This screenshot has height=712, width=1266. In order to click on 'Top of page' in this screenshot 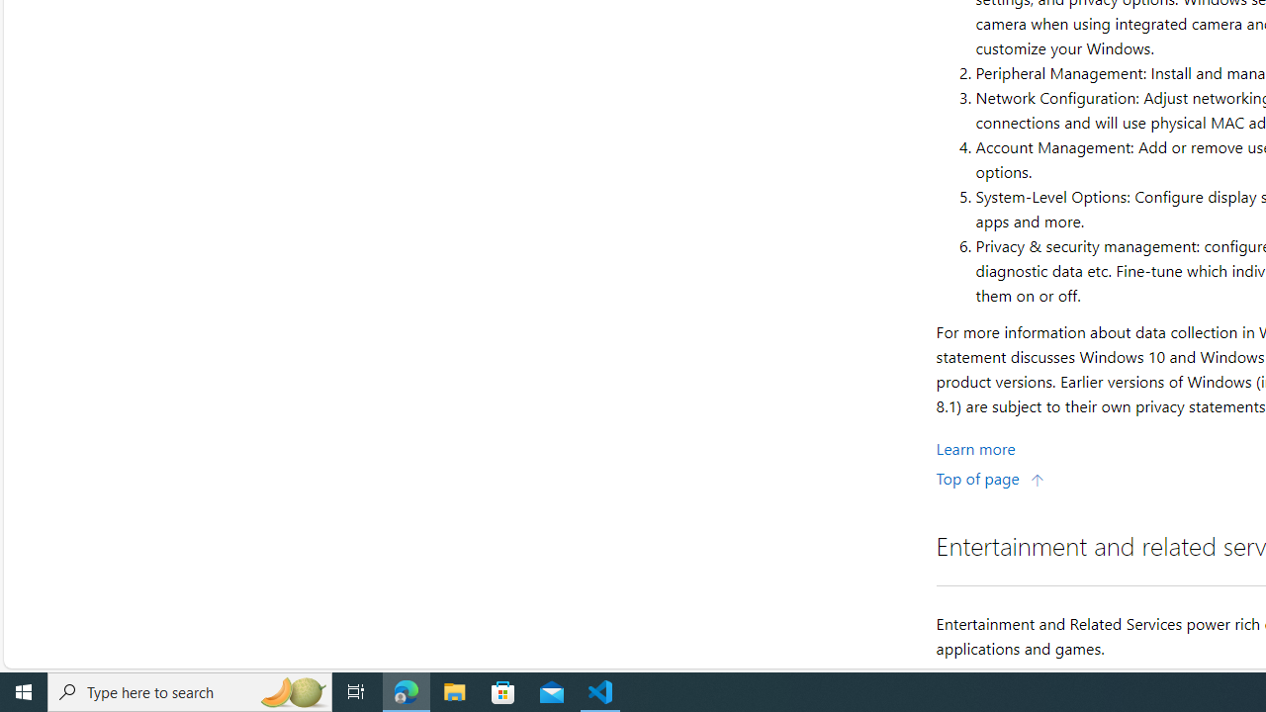, I will do `click(990, 478)`.